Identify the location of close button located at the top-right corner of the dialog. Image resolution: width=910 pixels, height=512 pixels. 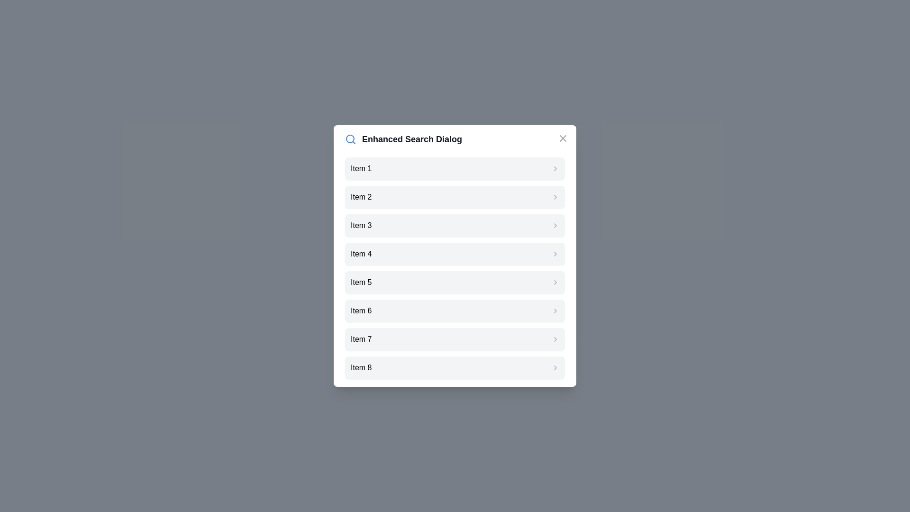
(563, 138).